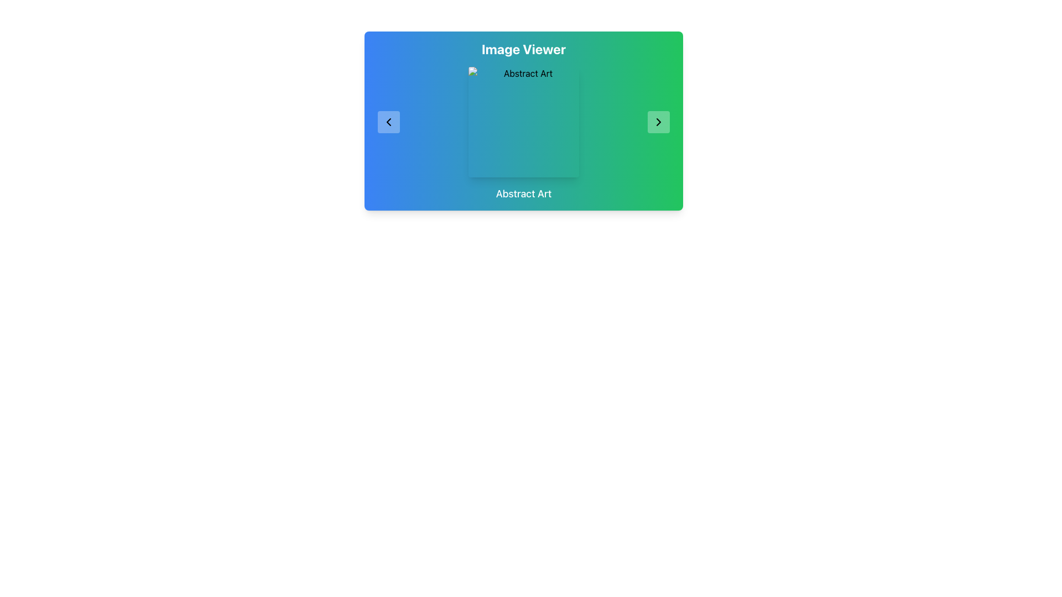 This screenshot has width=1062, height=597. I want to click on the navigation button located at the top-right corner of the interface to proceed to the next item, so click(658, 122).